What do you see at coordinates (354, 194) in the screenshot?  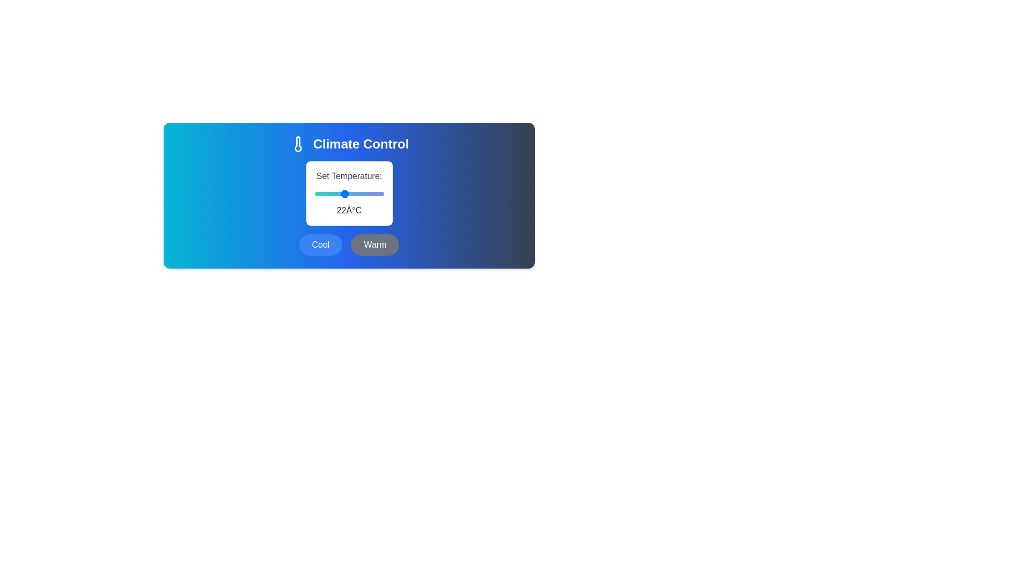 I see `the desired temperature` at bounding box center [354, 194].